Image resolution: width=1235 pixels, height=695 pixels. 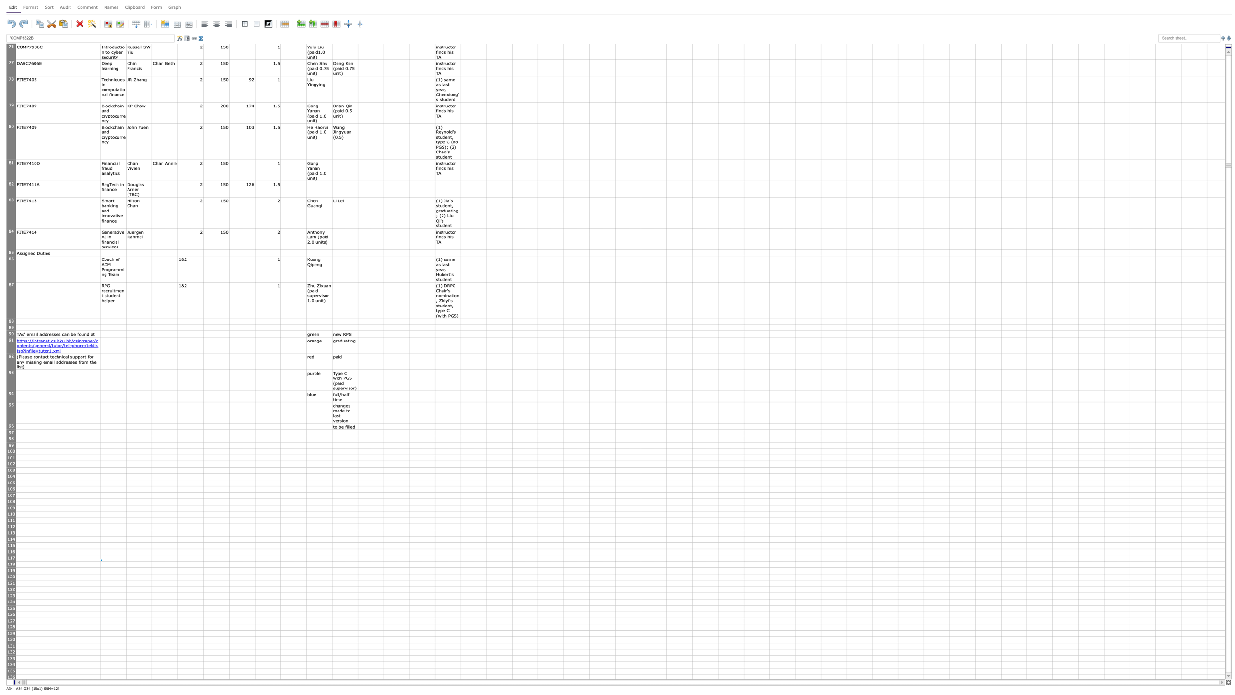 What do you see at coordinates (11, 565) in the screenshot?
I see `to activate row 118` at bounding box center [11, 565].